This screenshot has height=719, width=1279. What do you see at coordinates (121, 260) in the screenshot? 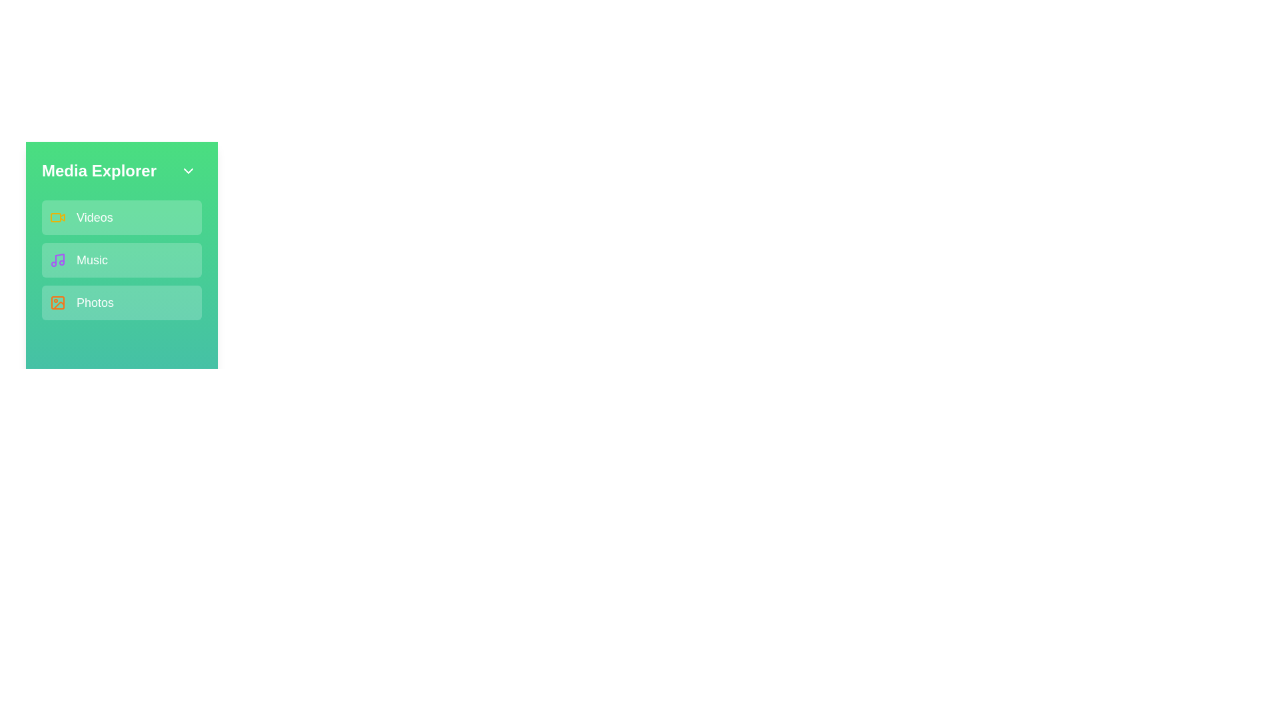
I see `the media category Music from the sidebar` at bounding box center [121, 260].